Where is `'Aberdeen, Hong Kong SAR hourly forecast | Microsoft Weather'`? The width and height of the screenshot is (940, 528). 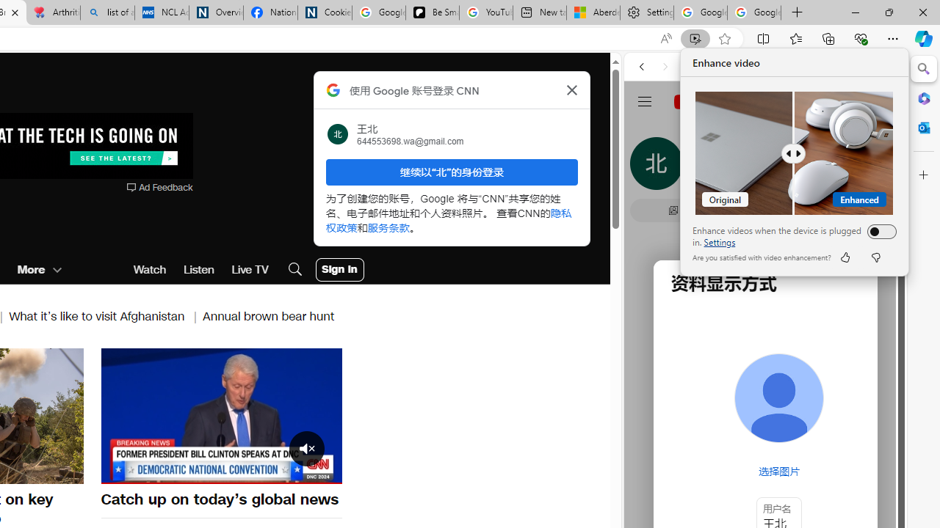
'Aberdeen, Hong Kong SAR hourly forecast | Microsoft Weather' is located at coordinates (593, 12).